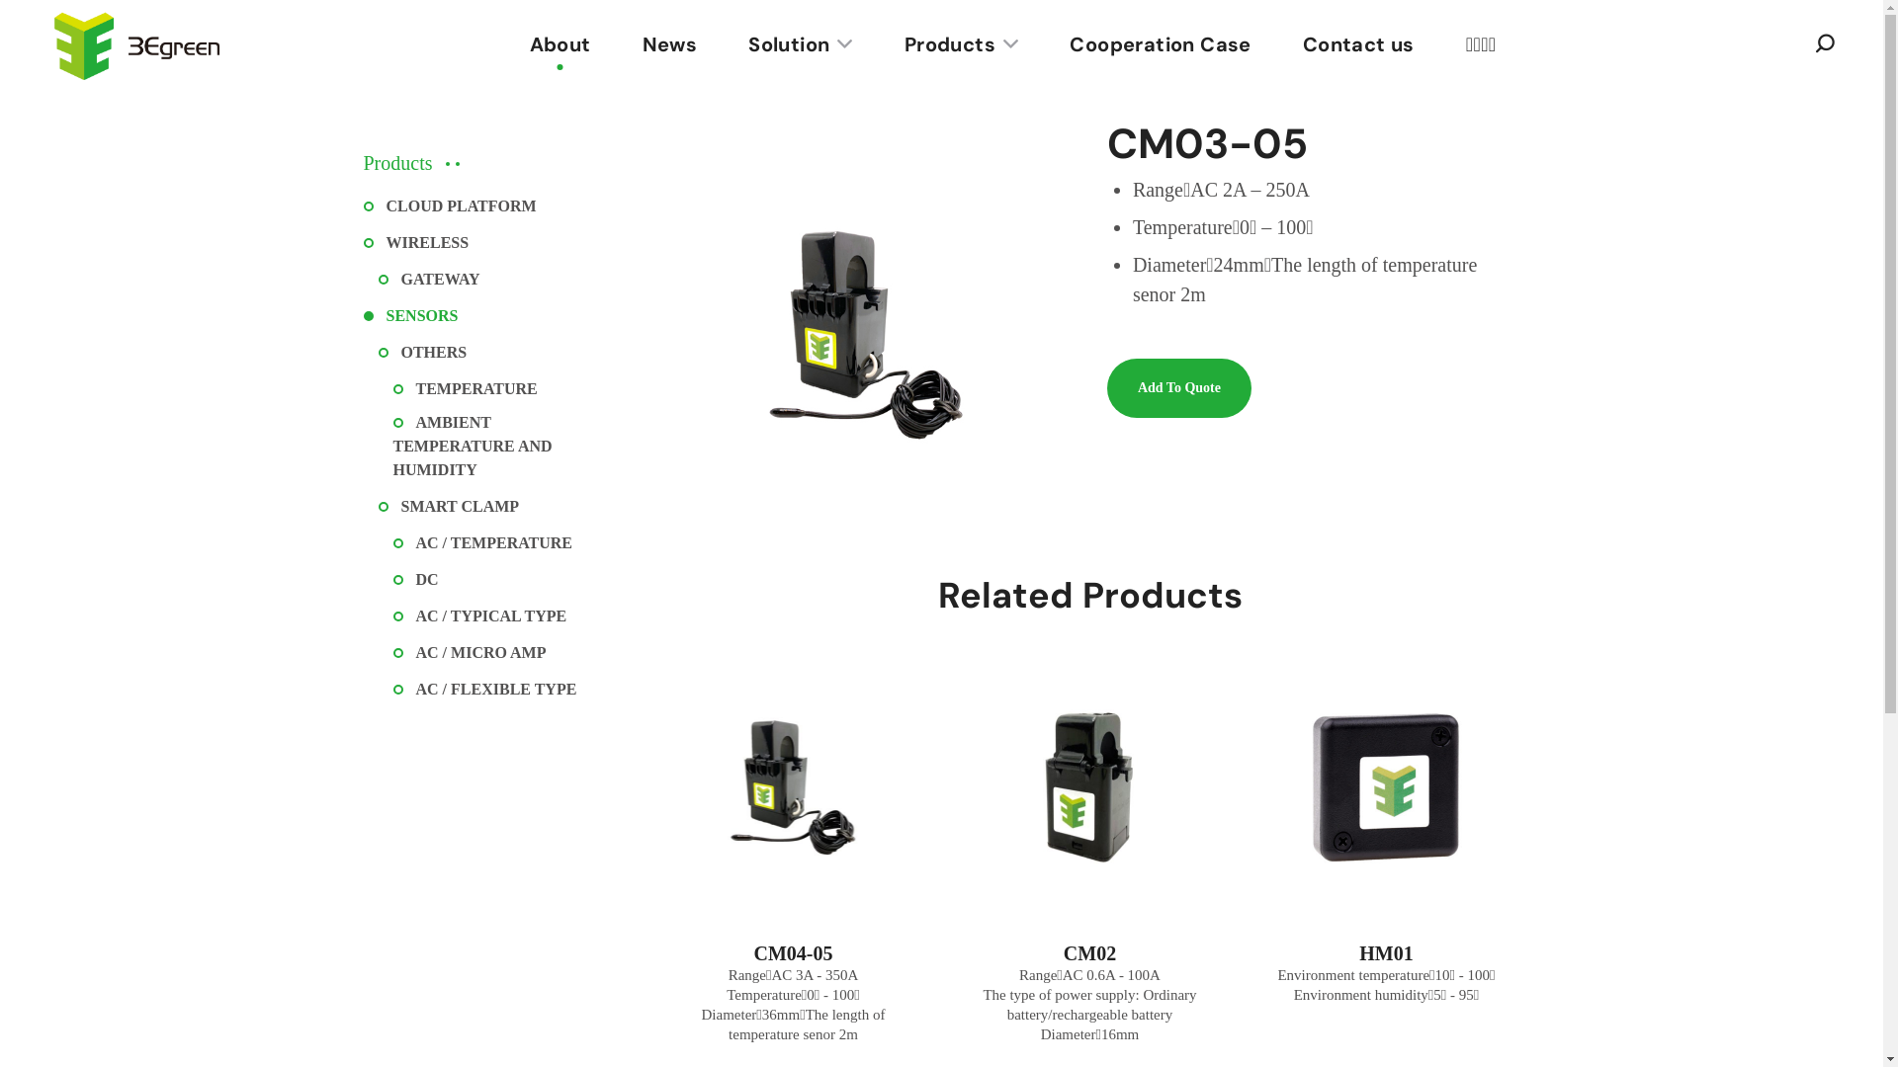 This screenshot has width=1898, height=1067. I want to click on 'AC / MICRO AMP', so click(469, 652).